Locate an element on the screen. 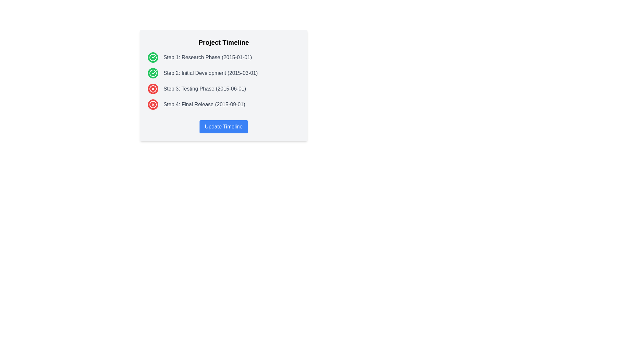 This screenshot has height=353, width=628. the green circular icon with a white checkmark inside, which signifies completion, located in the second line of the project timeline before 'Step 2: Initial Development (2015-03-01)' is located at coordinates (152, 73).